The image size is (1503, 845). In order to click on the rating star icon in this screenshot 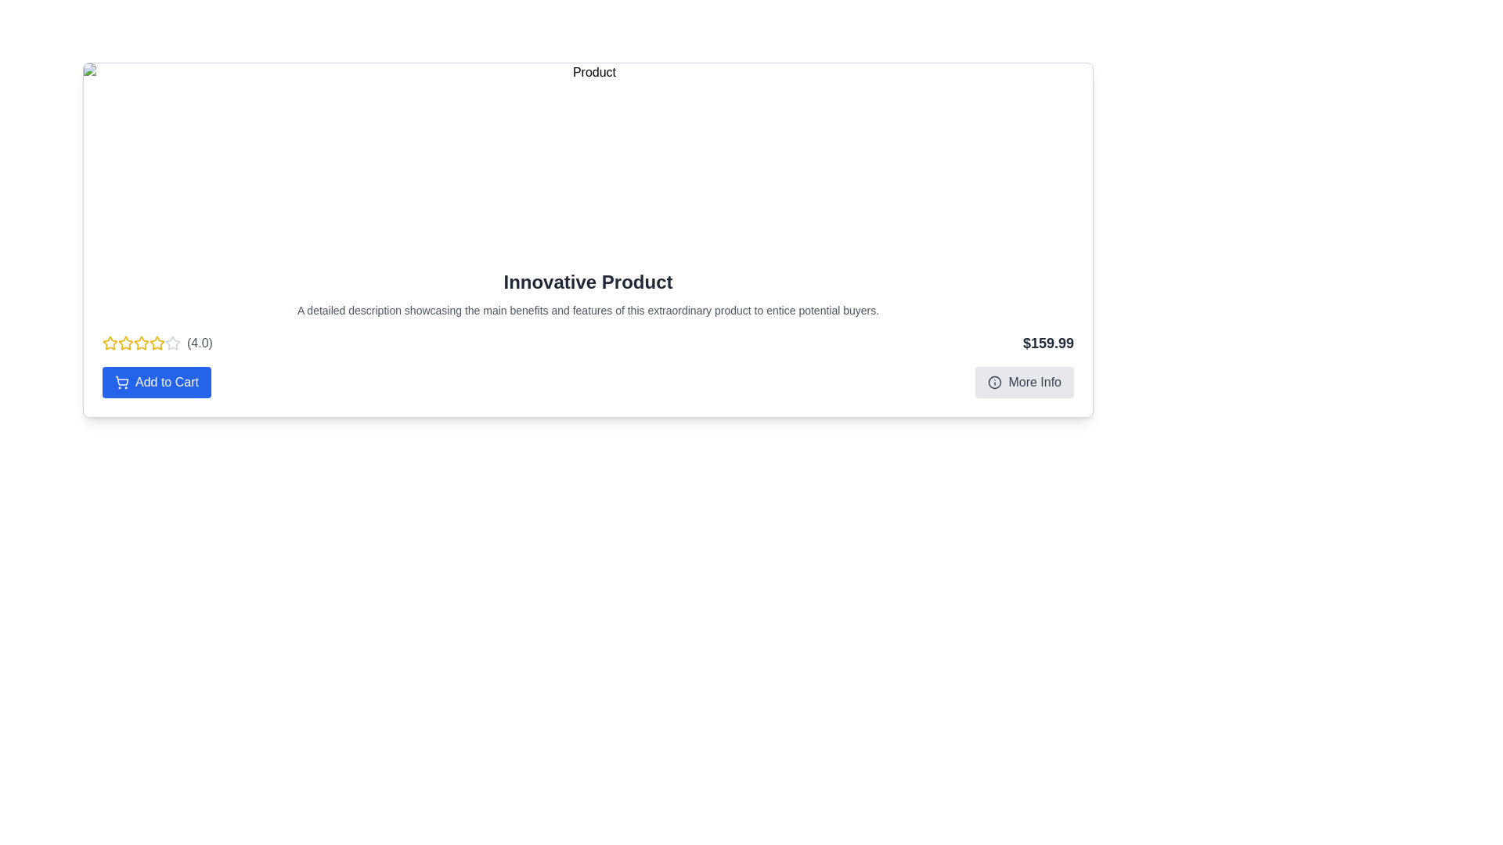, I will do `click(109, 342)`.